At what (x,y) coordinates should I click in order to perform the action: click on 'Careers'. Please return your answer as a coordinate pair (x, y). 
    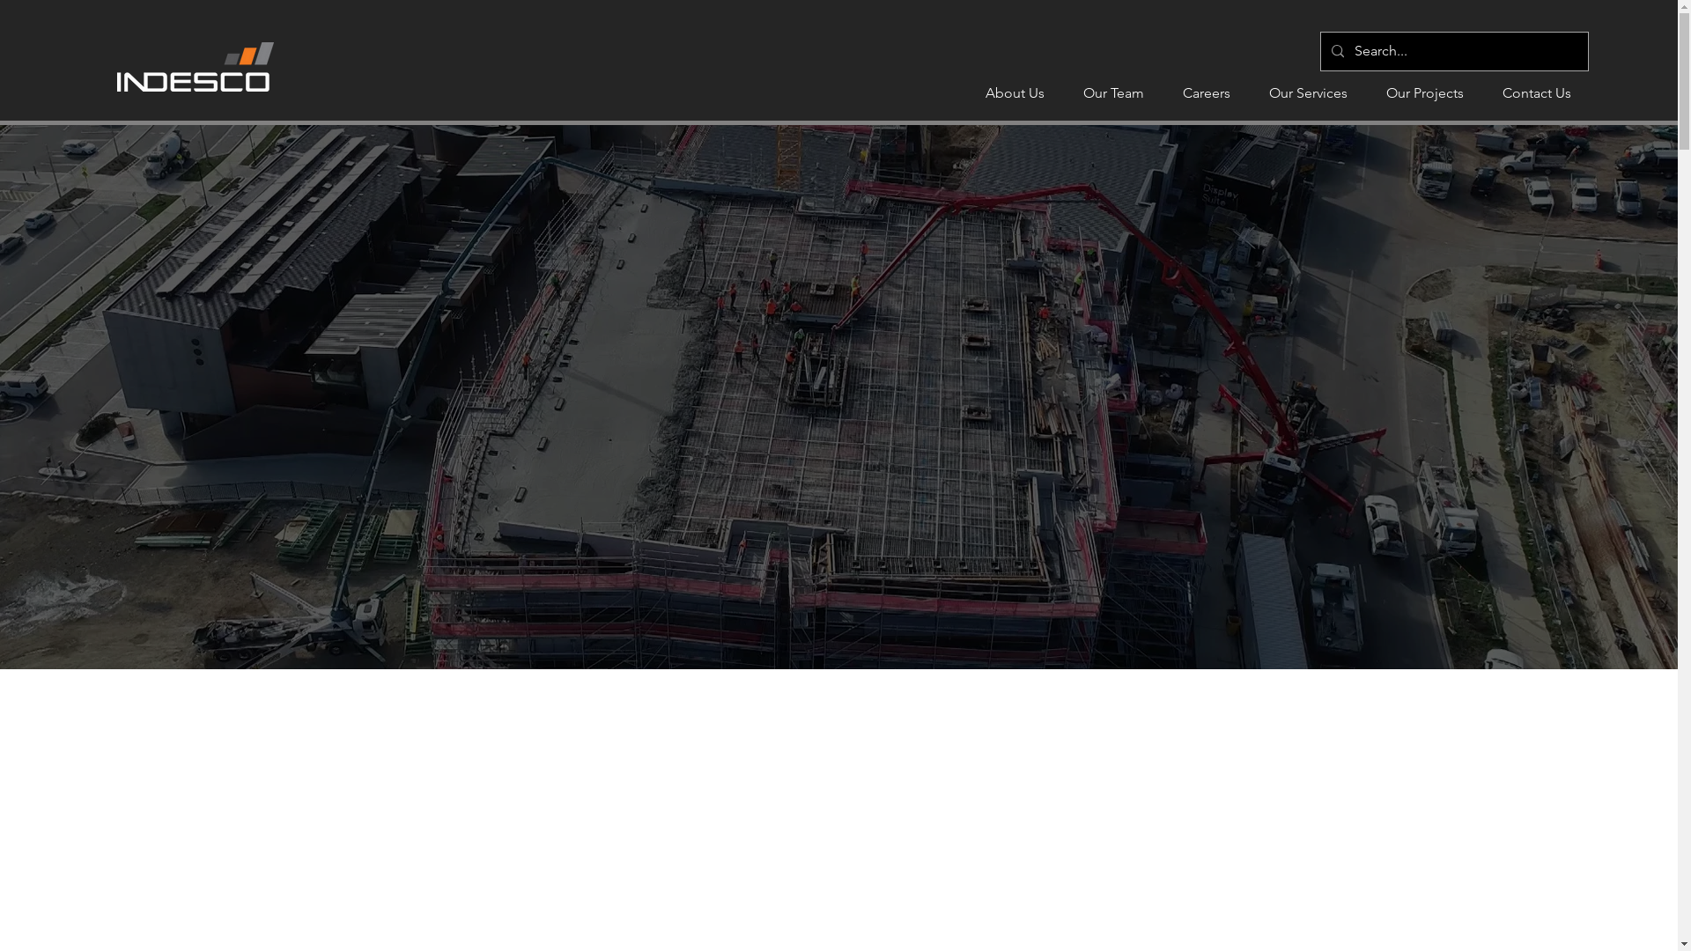
    Looking at the image, I should click on (1205, 92).